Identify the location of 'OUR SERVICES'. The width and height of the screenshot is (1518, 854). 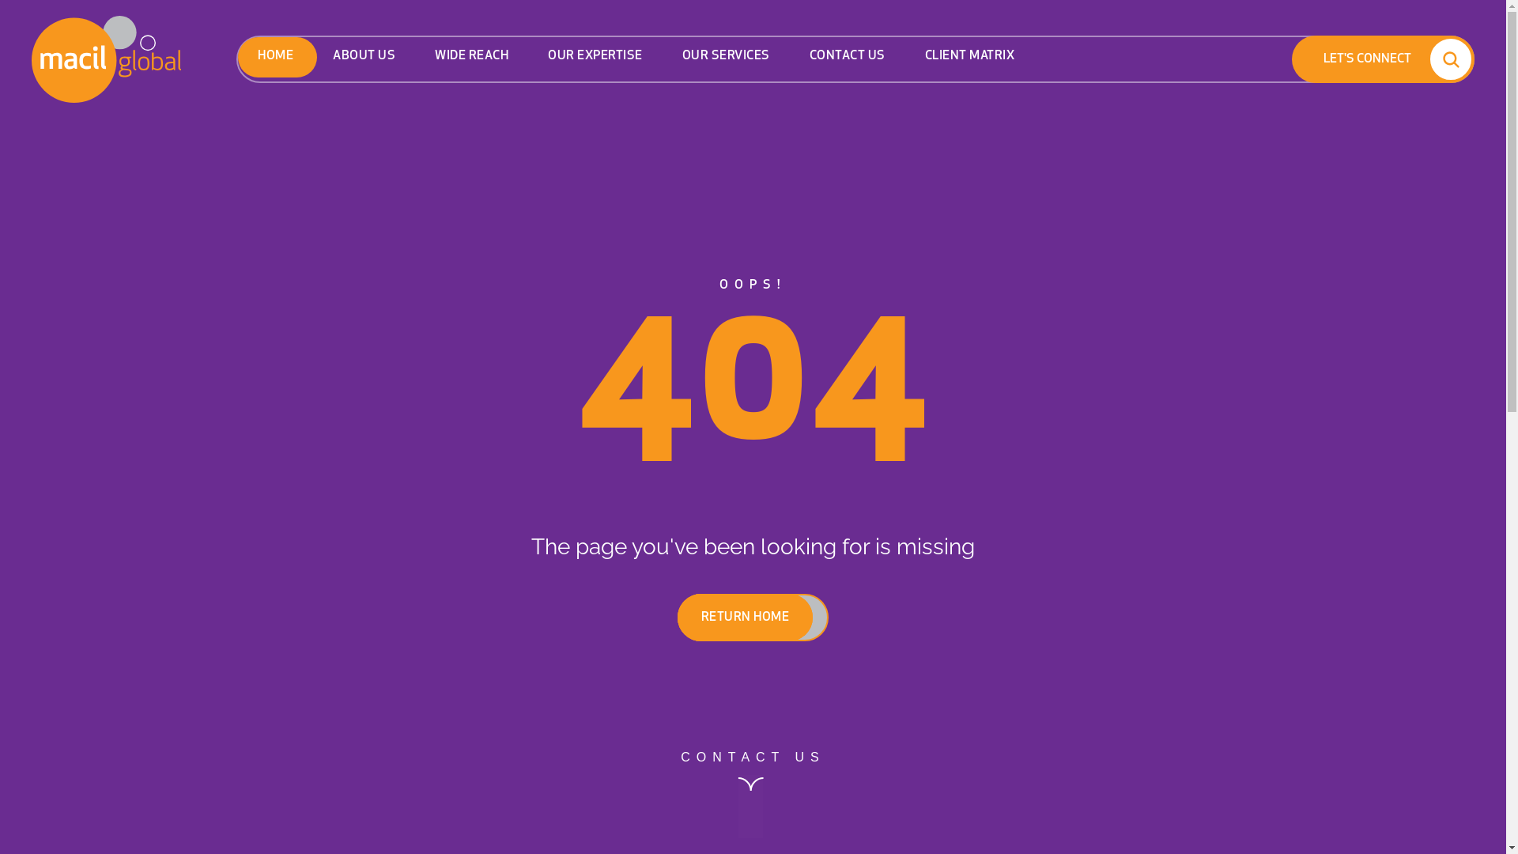
(725, 56).